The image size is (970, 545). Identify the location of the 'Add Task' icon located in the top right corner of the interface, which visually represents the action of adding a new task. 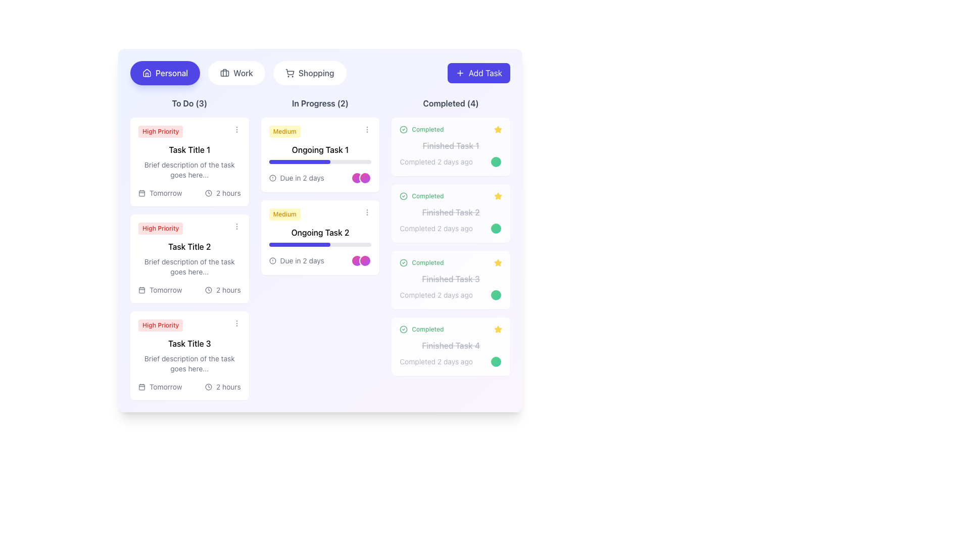
(459, 73).